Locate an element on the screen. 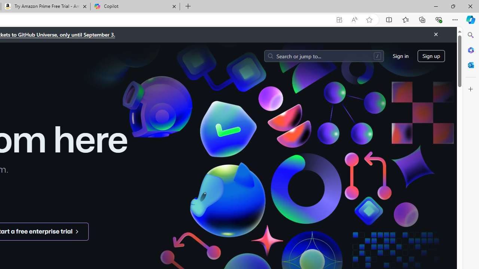 The image size is (479, 269). 'Copilot (Ctrl+Shift+.)' is located at coordinates (470, 19).